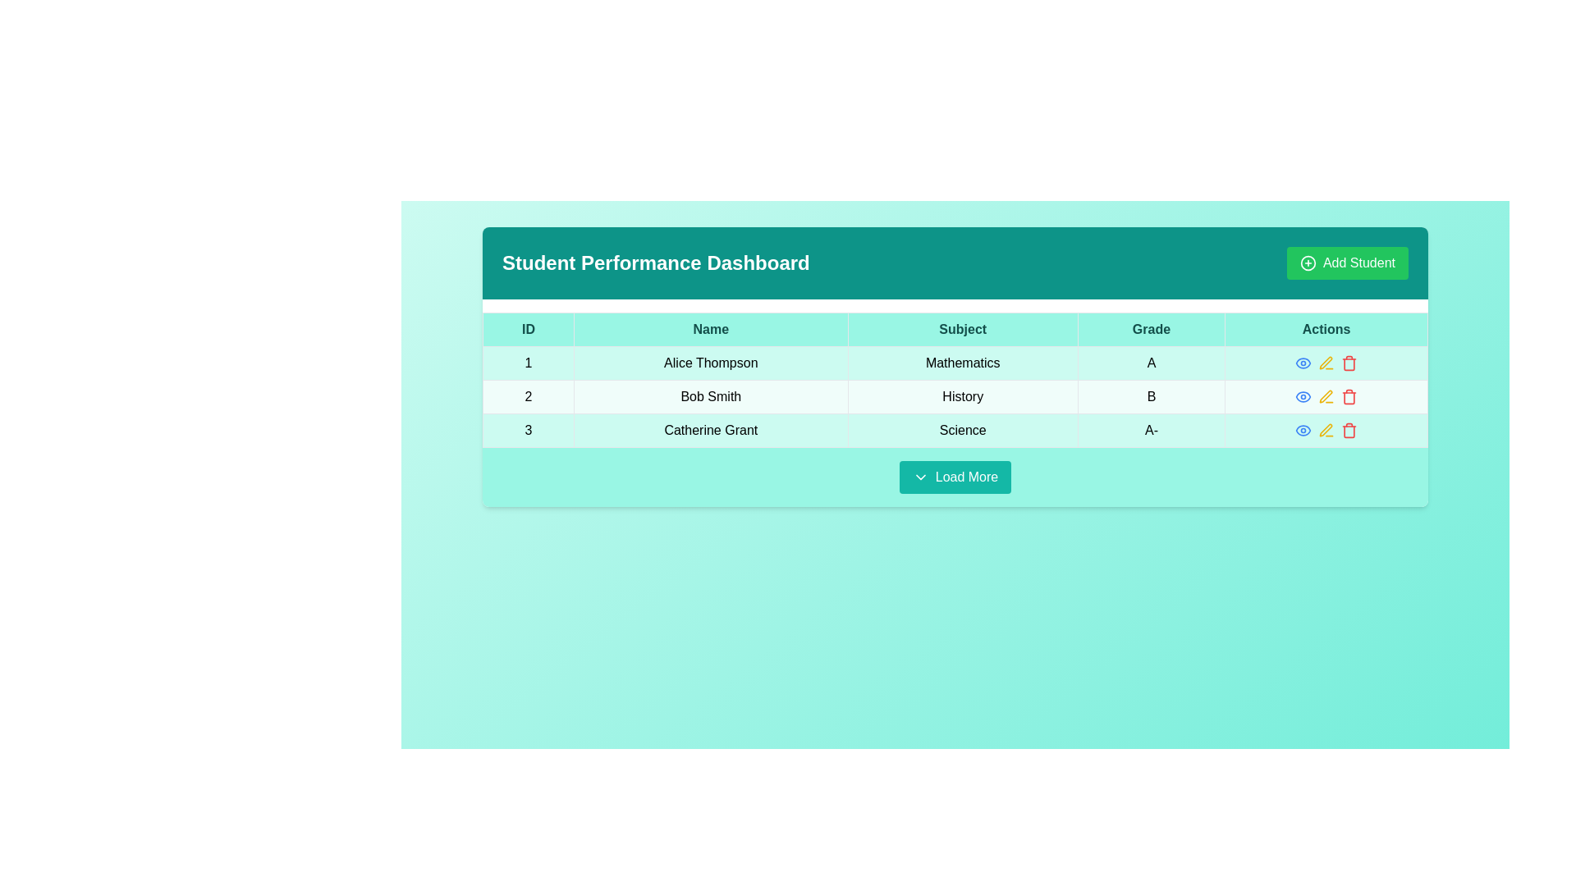 The height and width of the screenshot is (886, 1576). Describe the element at coordinates (963, 329) in the screenshot. I see `the 'Subject' text header, which is a bold header centered in its cell and part of the table header under the main dashboard title` at that location.